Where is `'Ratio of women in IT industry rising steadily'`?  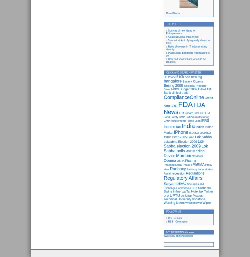 'Ratio of women in IT industry rising steadily' is located at coordinates (186, 48).